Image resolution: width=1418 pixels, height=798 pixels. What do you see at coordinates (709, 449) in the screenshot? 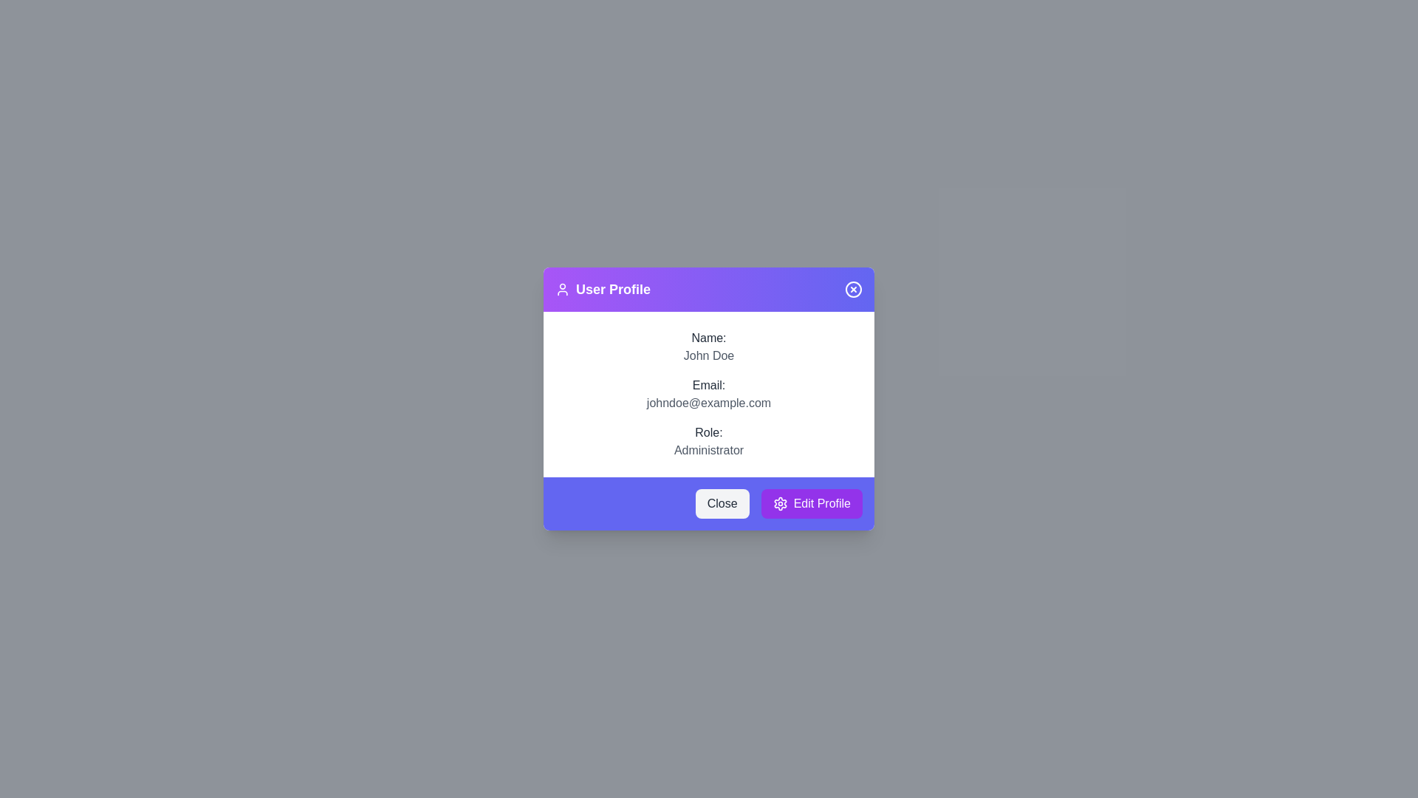
I see `text label displaying 'Administrator', which is styled in gray and located beneath the 'Role:' label in the user profile section` at bounding box center [709, 449].